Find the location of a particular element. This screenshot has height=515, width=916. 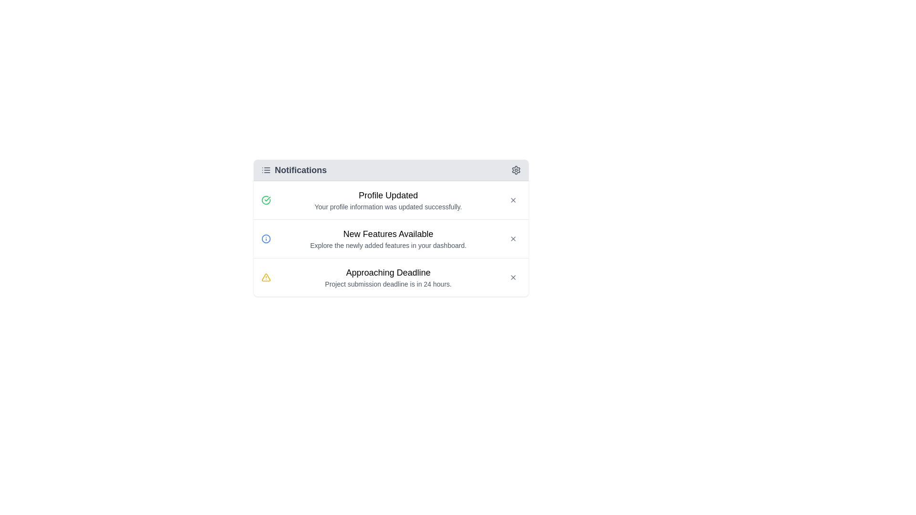

the 'X' icon button located on the far right of the 'Notifications' header is located at coordinates (512, 200).